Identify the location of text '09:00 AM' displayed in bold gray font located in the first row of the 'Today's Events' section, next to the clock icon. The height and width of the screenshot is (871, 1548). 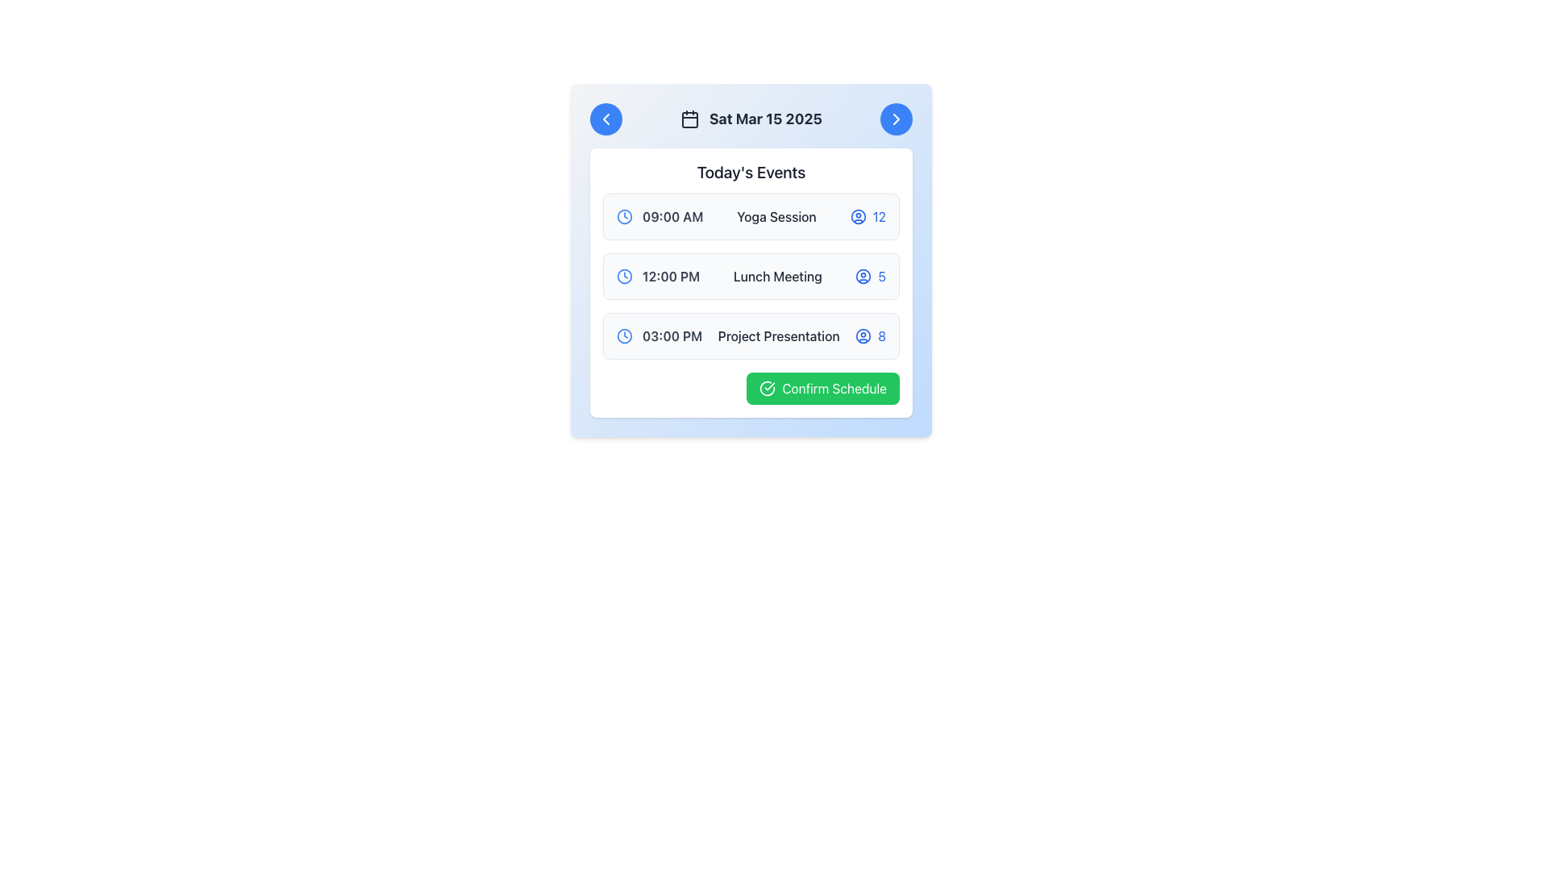
(672, 216).